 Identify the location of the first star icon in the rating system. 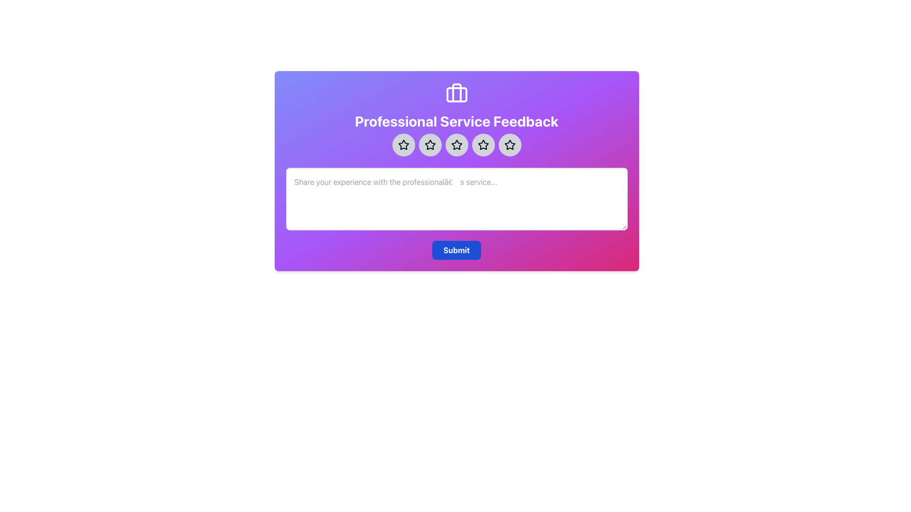
(403, 145).